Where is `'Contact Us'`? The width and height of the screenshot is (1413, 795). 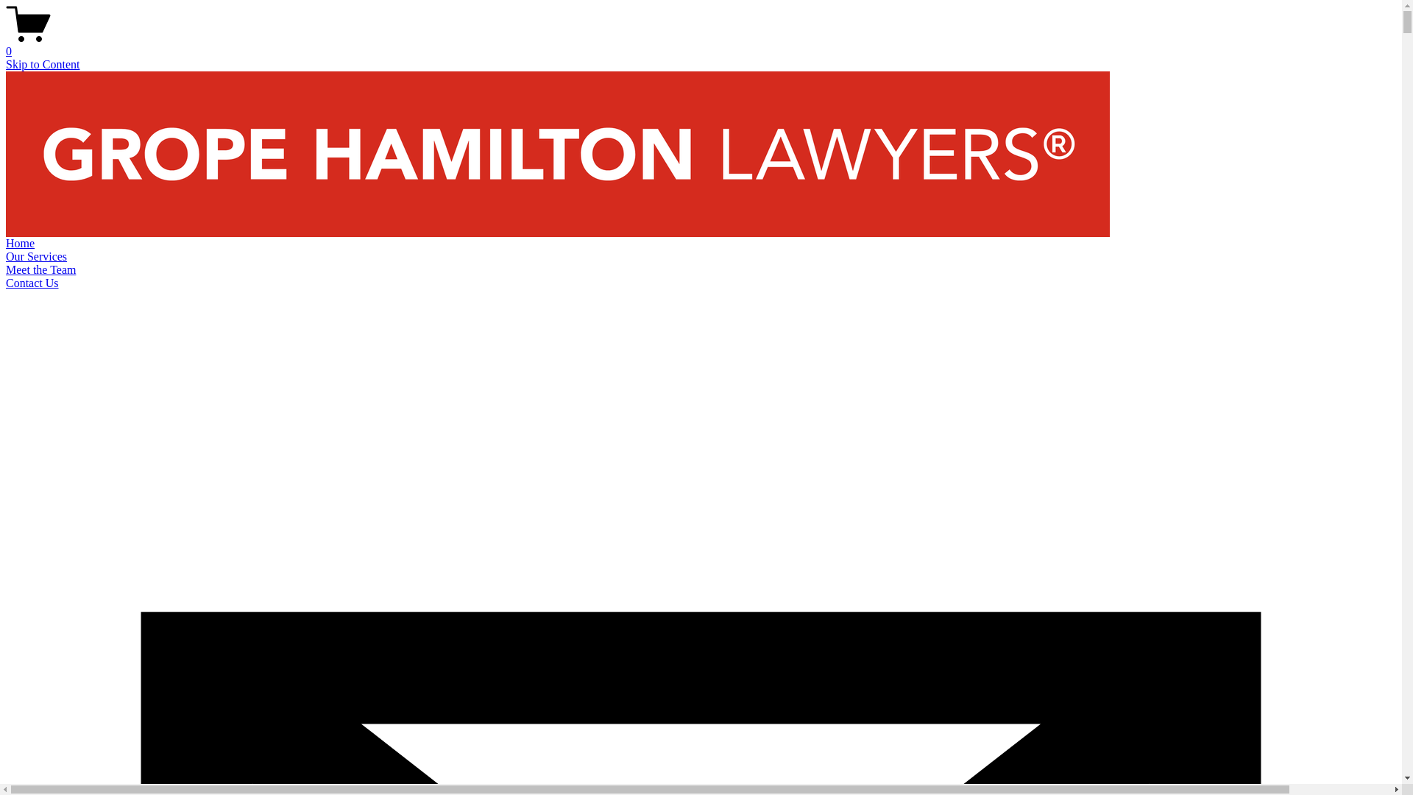
'Contact Us' is located at coordinates (32, 283).